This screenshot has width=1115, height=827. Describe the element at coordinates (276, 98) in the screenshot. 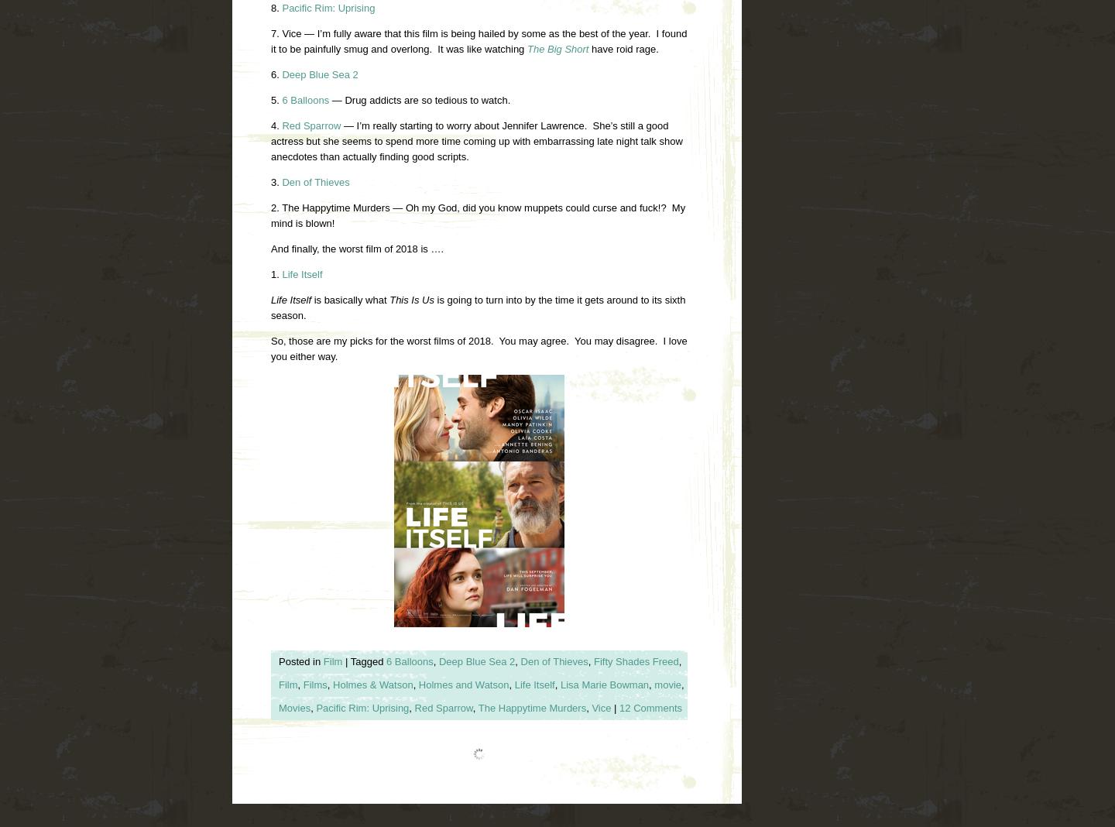

I see `'5.'` at that location.